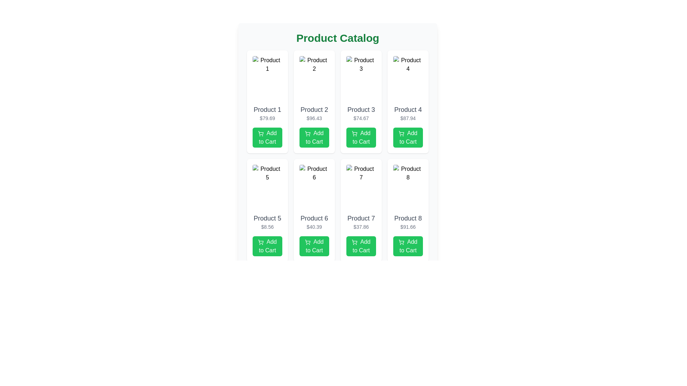  What do you see at coordinates (314, 110) in the screenshot?
I see `the text label displaying 'Product 2' in a large, bold font, located in the second card of a grid layout` at bounding box center [314, 110].